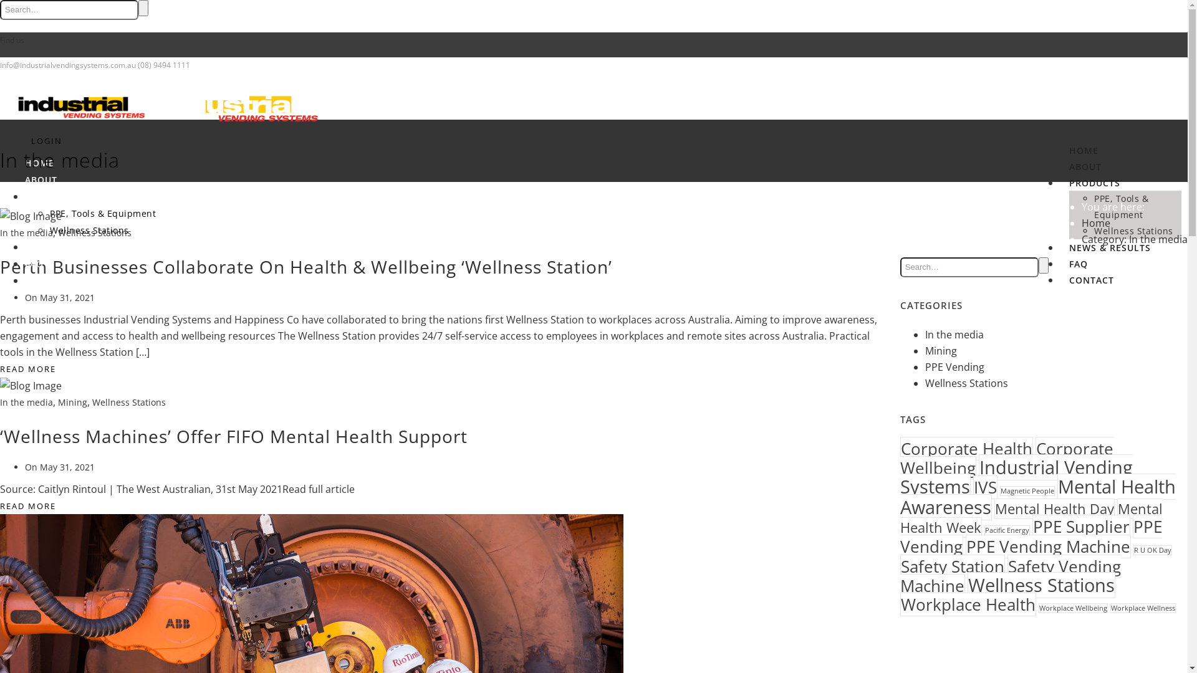  Describe the element at coordinates (1080, 239) in the screenshot. I see `'Category: In the media'` at that location.